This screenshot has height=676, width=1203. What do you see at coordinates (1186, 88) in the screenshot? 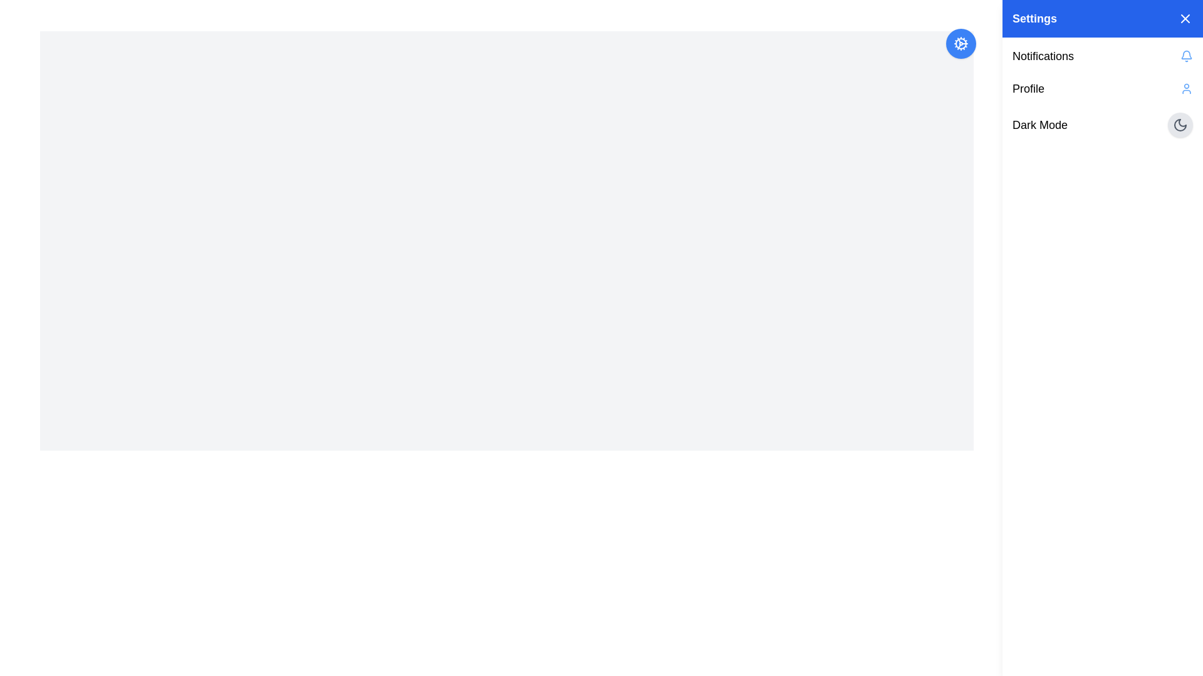
I see `the user avatar icon, which is a minimalistic outline with blue accents, located on the far-right side of the settings panel, aligned with the text 'Profile'` at bounding box center [1186, 88].